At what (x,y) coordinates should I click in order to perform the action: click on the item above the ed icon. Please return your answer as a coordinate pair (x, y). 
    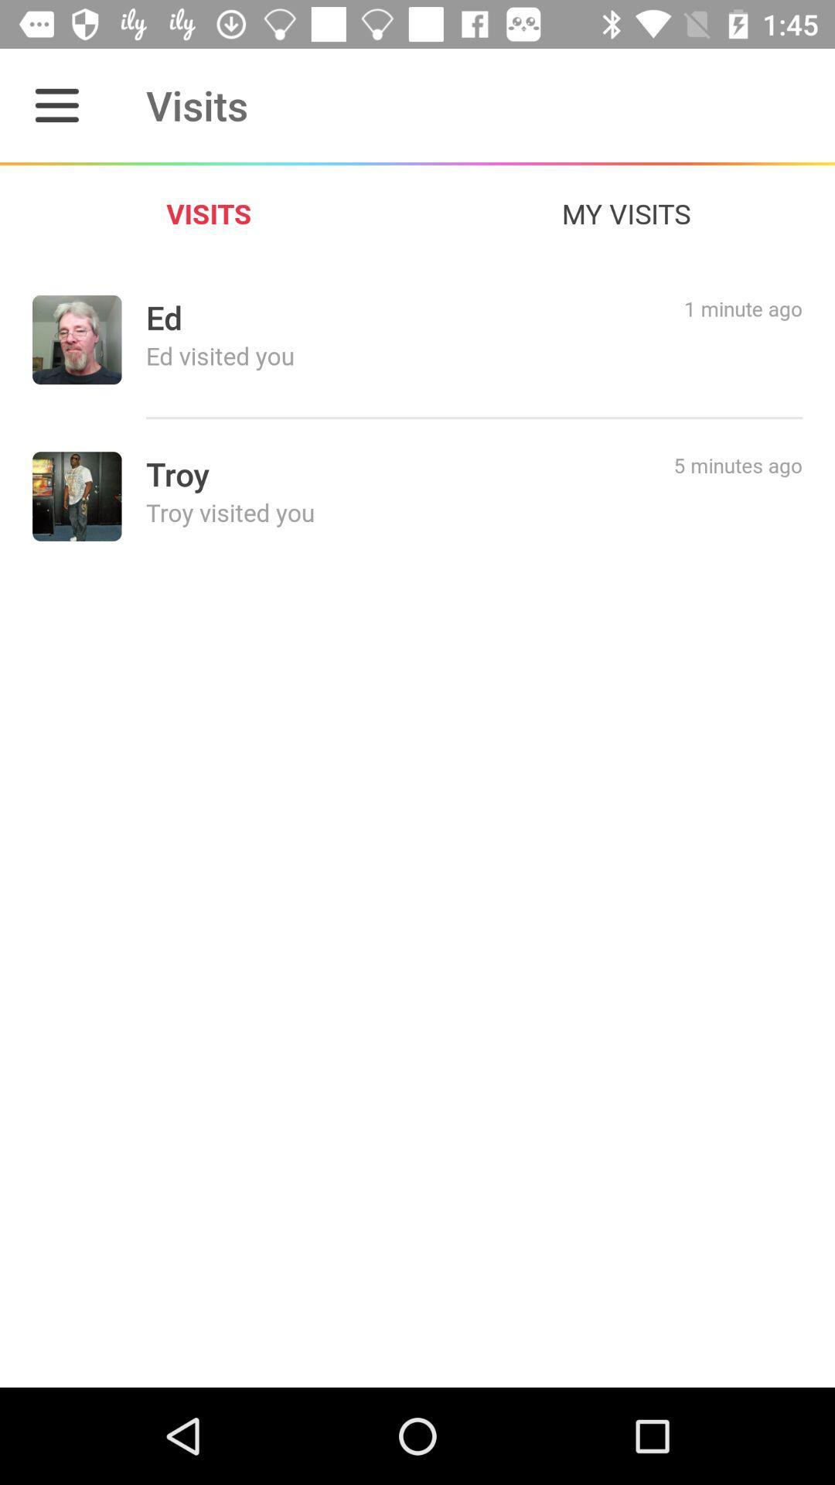
    Looking at the image, I should click on (626, 213).